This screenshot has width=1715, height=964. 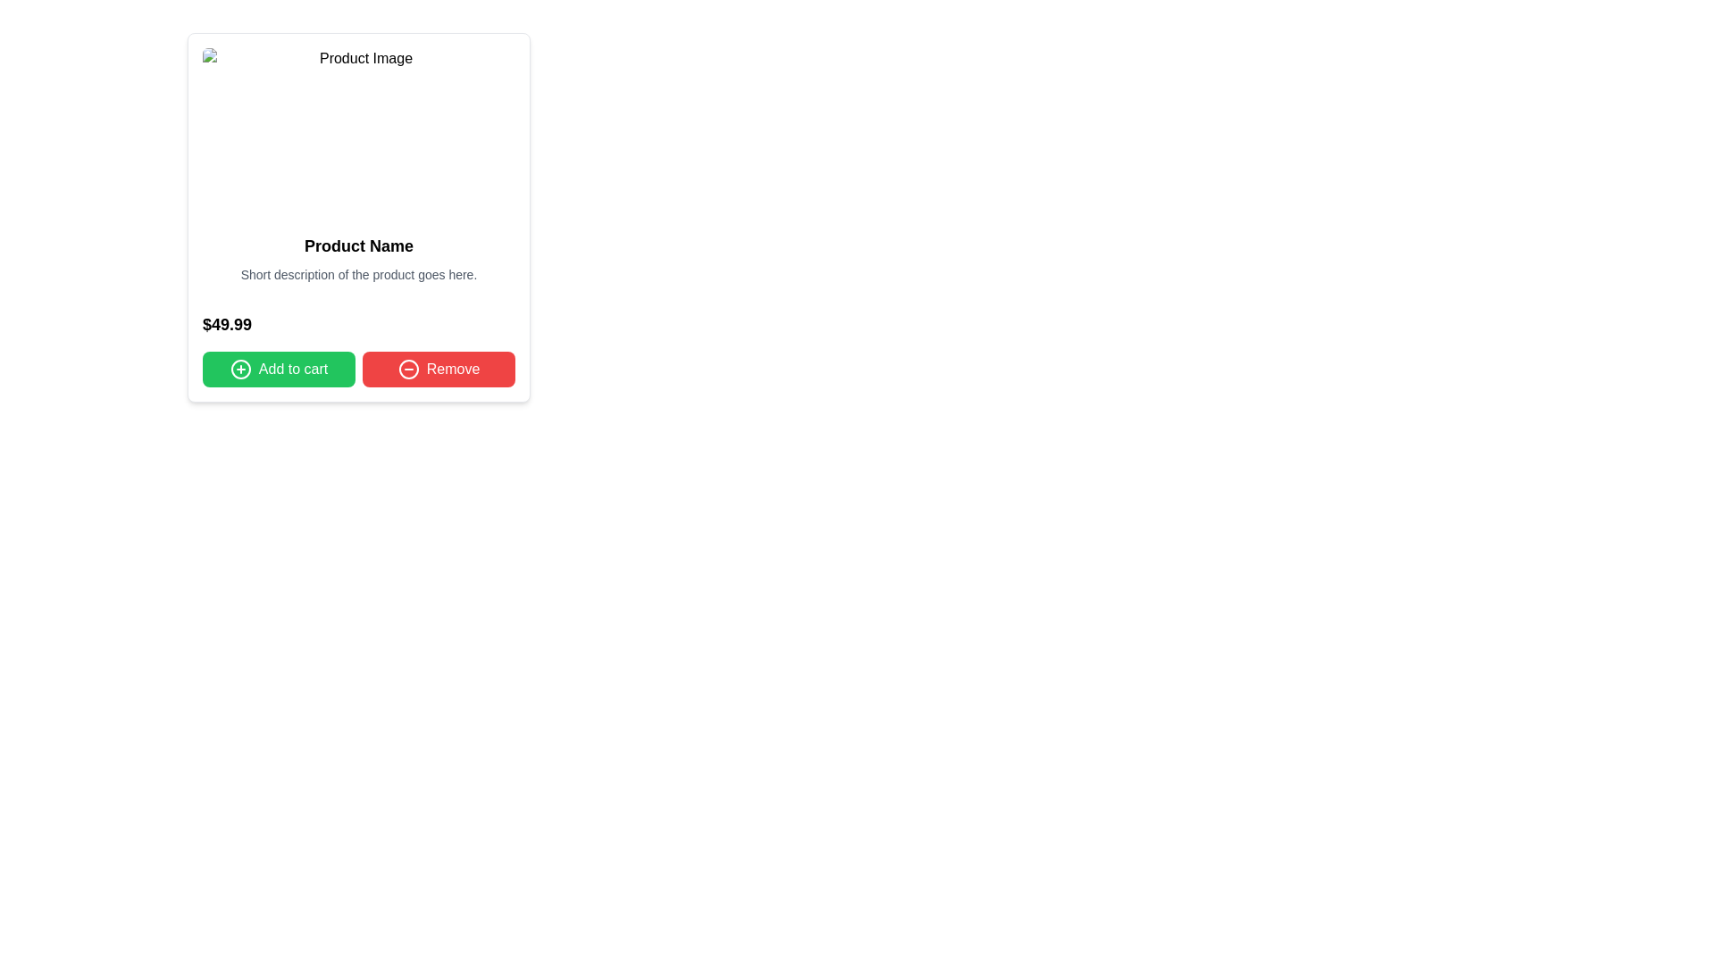 What do you see at coordinates (239, 368) in the screenshot?
I see `the circular icon within the green 'Add to cart' button located below the product price in the product card` at bounding box center [239, 368].